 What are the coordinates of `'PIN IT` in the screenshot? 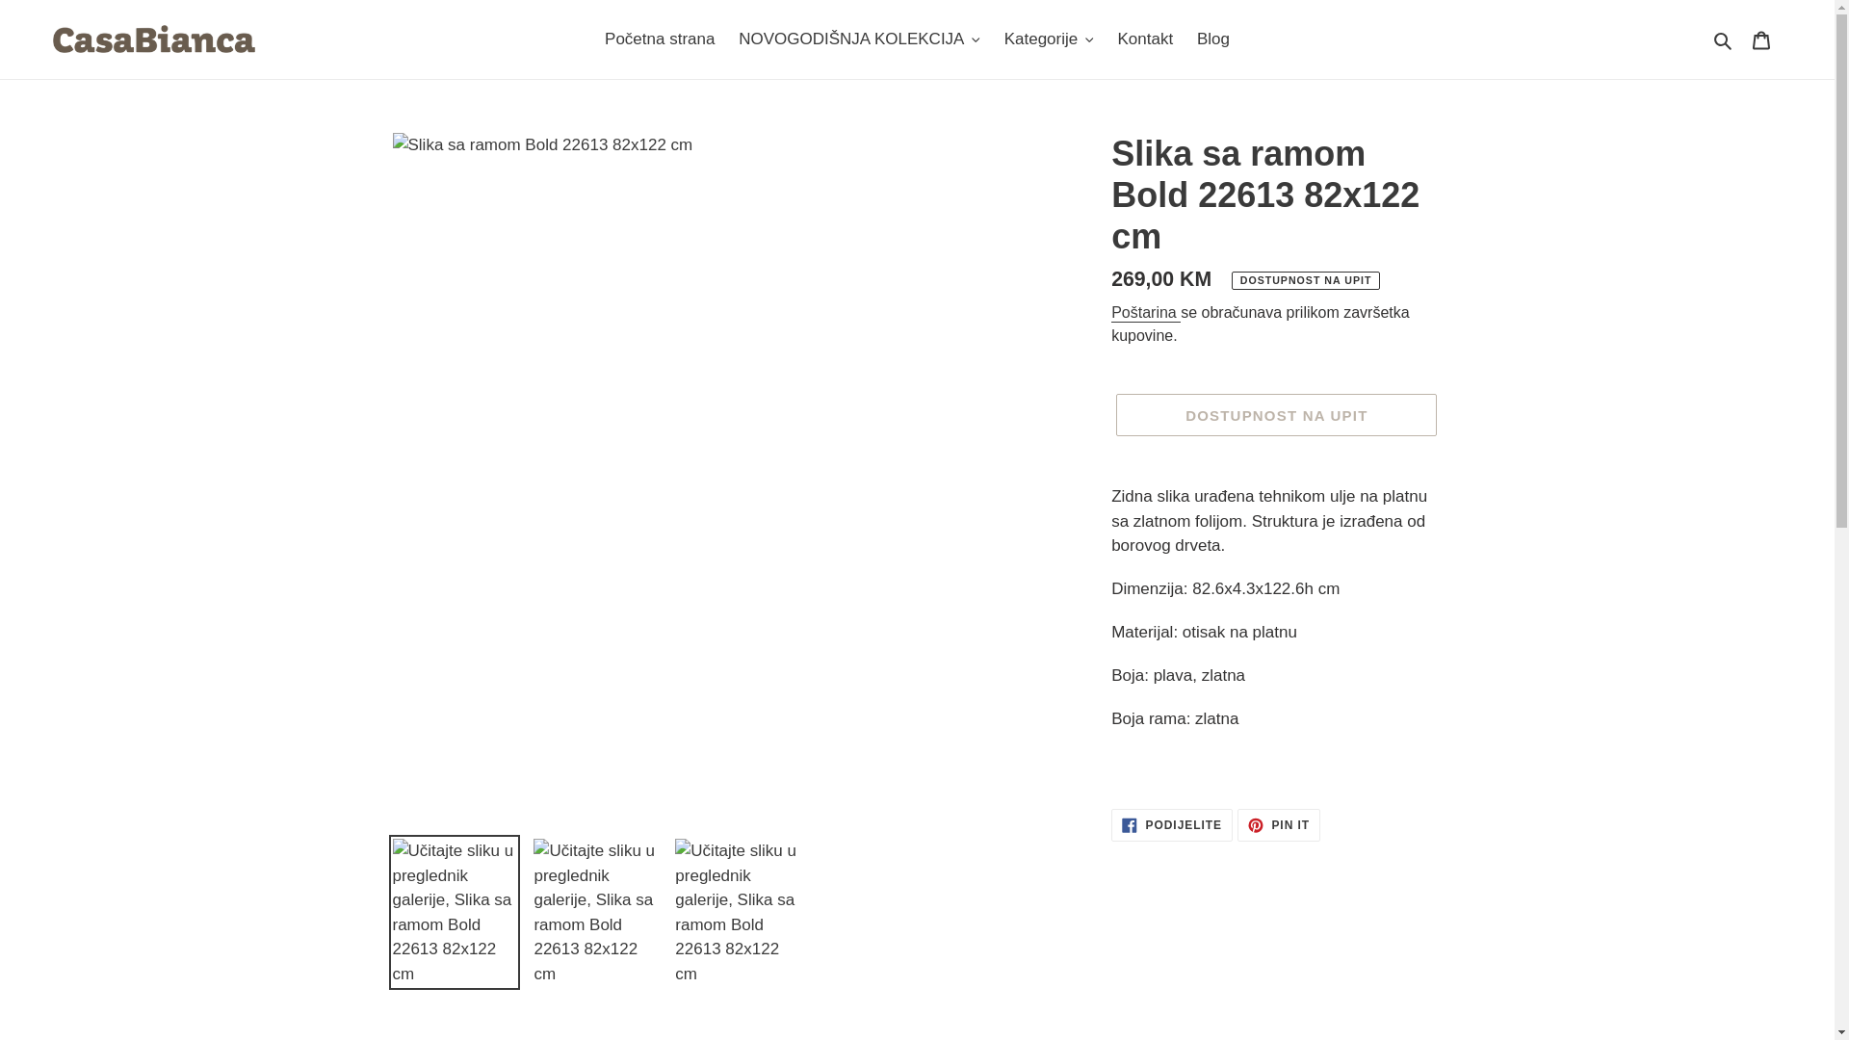 It's located at (1279, 823).